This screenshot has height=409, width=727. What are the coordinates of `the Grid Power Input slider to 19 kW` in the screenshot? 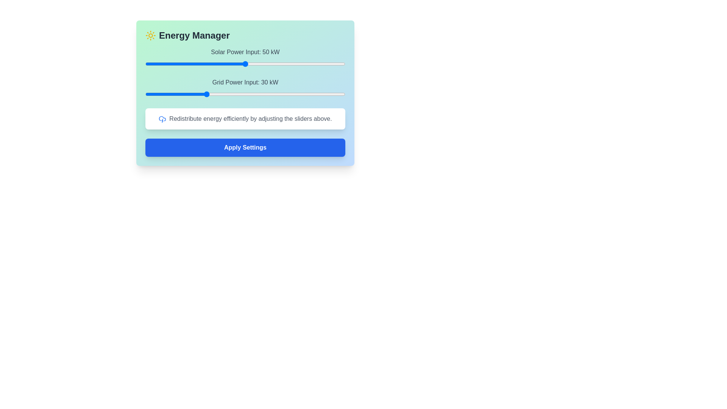 It's located at (183, 94).